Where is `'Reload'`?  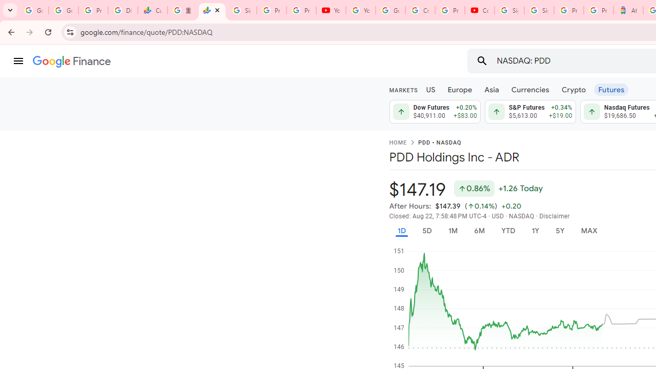 'Reload' is located at coordinates (48, 31).